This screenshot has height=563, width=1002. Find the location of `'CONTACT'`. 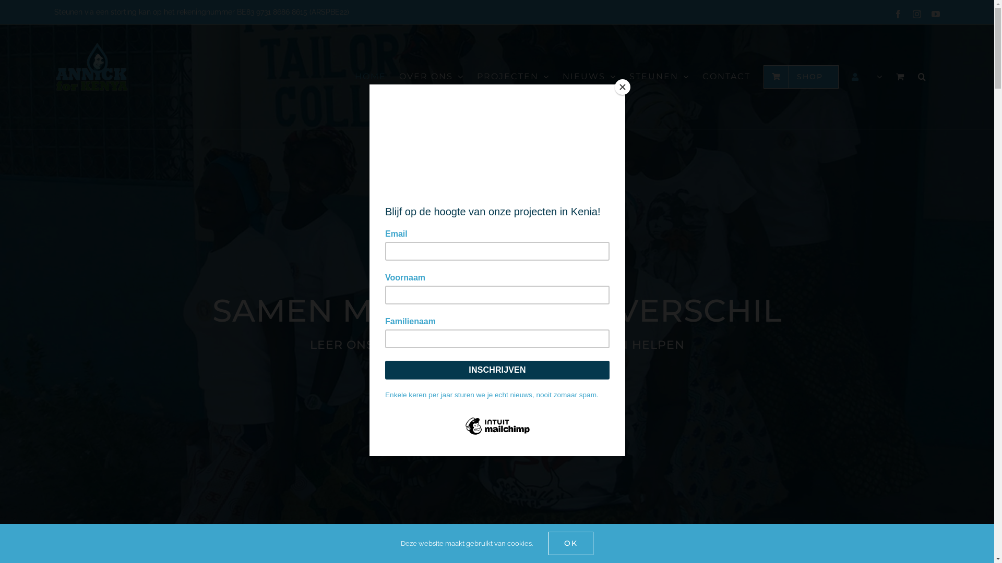

'CONTACT' is located at coordinates (726, 76).